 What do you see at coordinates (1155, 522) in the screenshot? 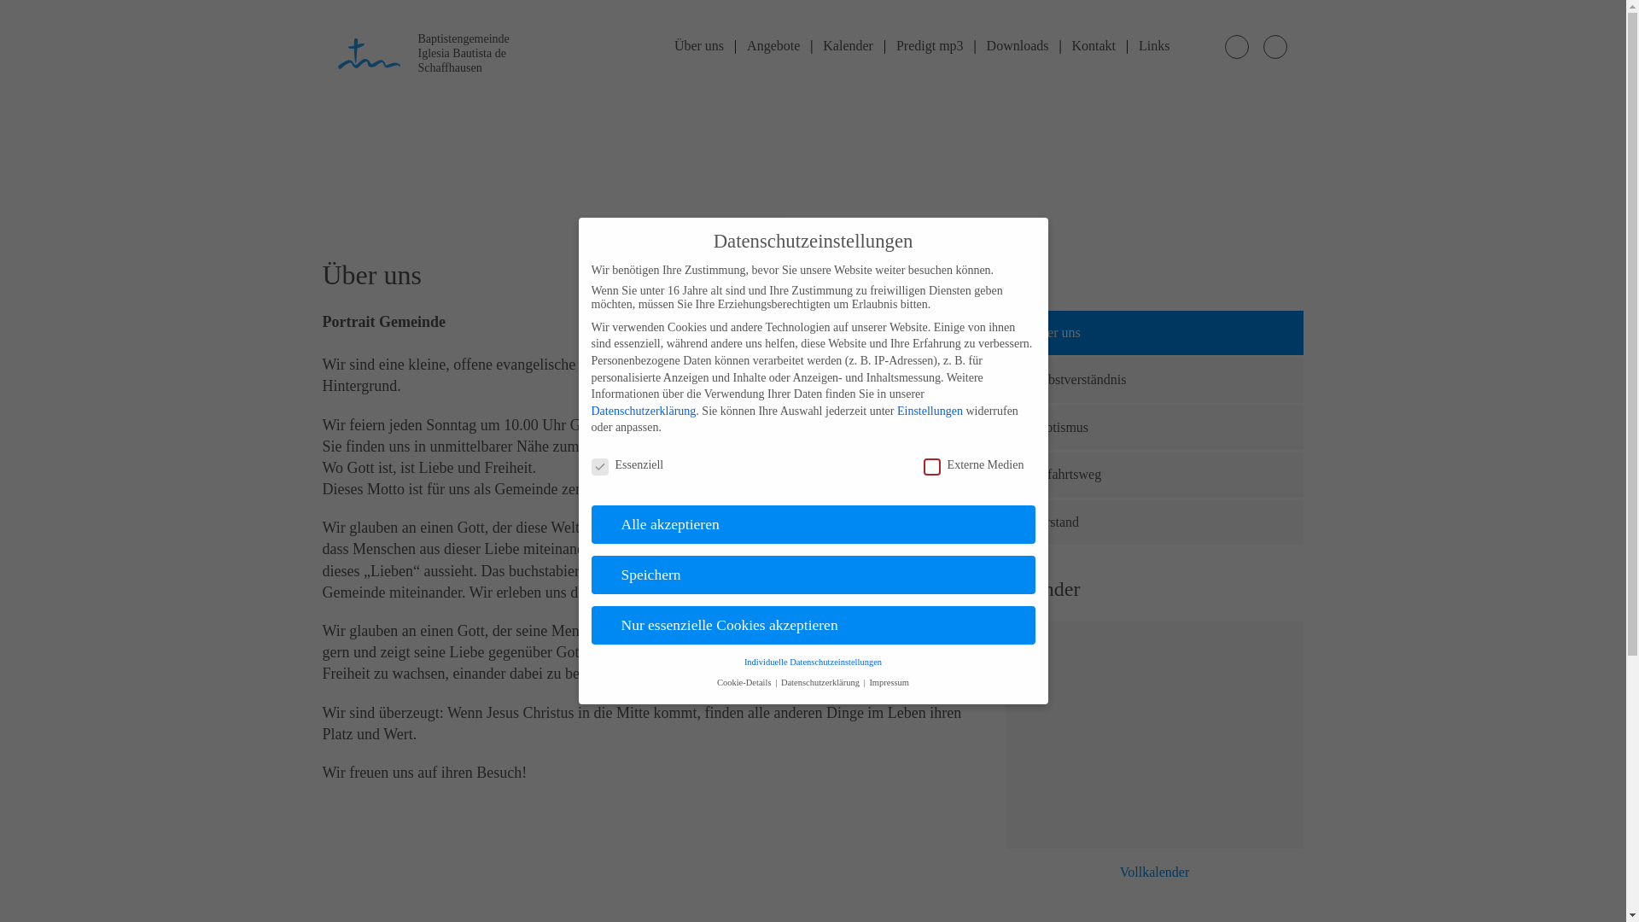
I see `'Vorstand'` at bounding box center [1155, 522].